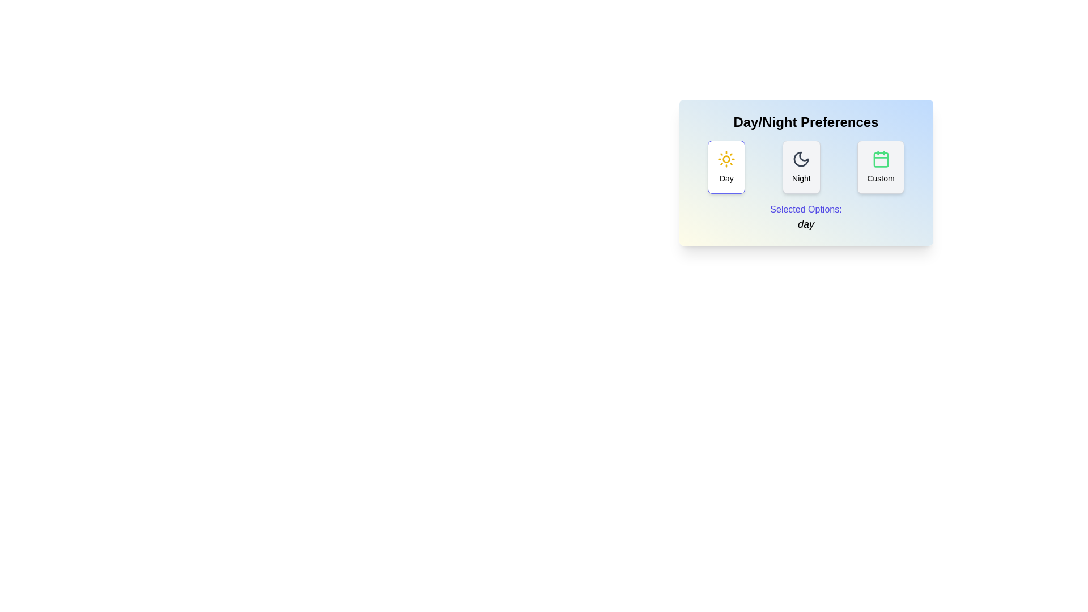 The image size is (1088, 612). What do you see at coordinates (880, 167) in the screenshot?
I see `the 'Custom' button to toggle its selection` at bounding box center [880, 167].